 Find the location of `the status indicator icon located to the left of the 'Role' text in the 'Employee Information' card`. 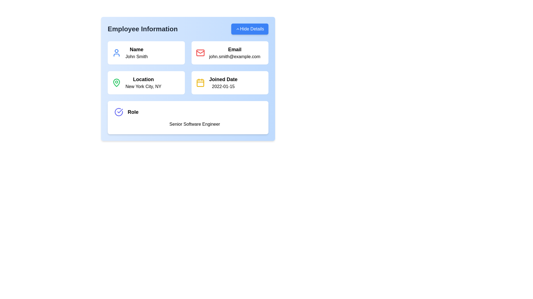

the status indicator icon located to the left of the 'Role' text in the 'Employee Information' card is located at coordinates (118, 112).